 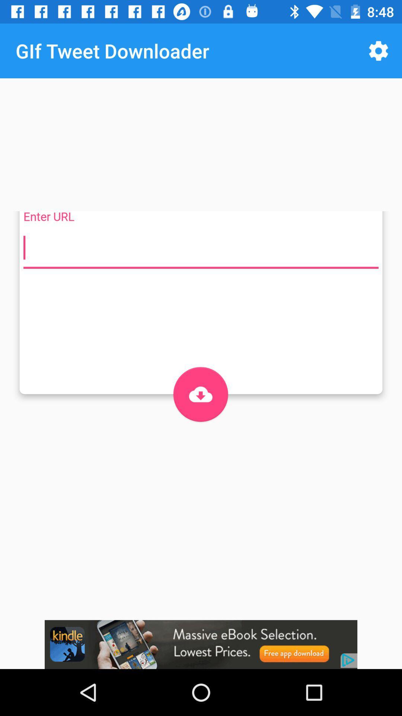 What do you see at coordinates (201, 644) in the screenshot?
I see `opens an advertisement` at bounding box center [201, 644].